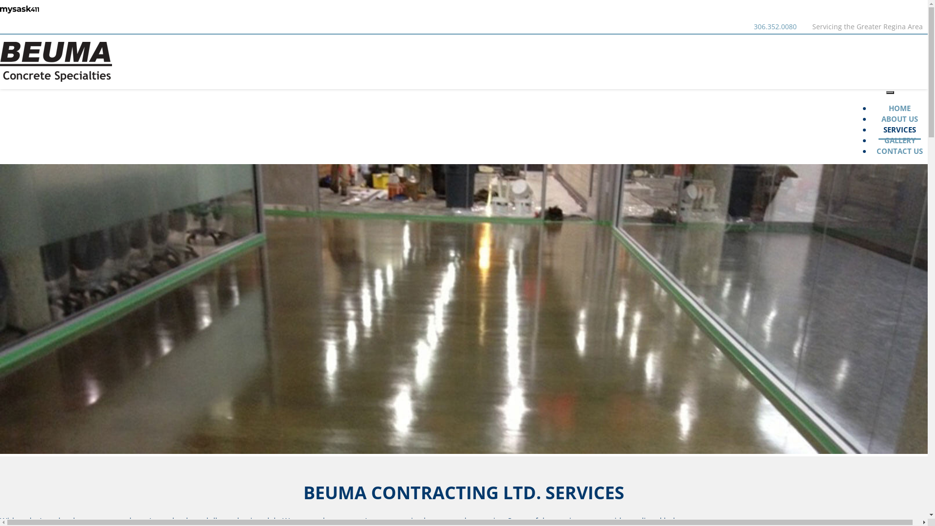 This screenshot has height=526, width=935. I want to click on '306.352.0080', so click(775, 26).